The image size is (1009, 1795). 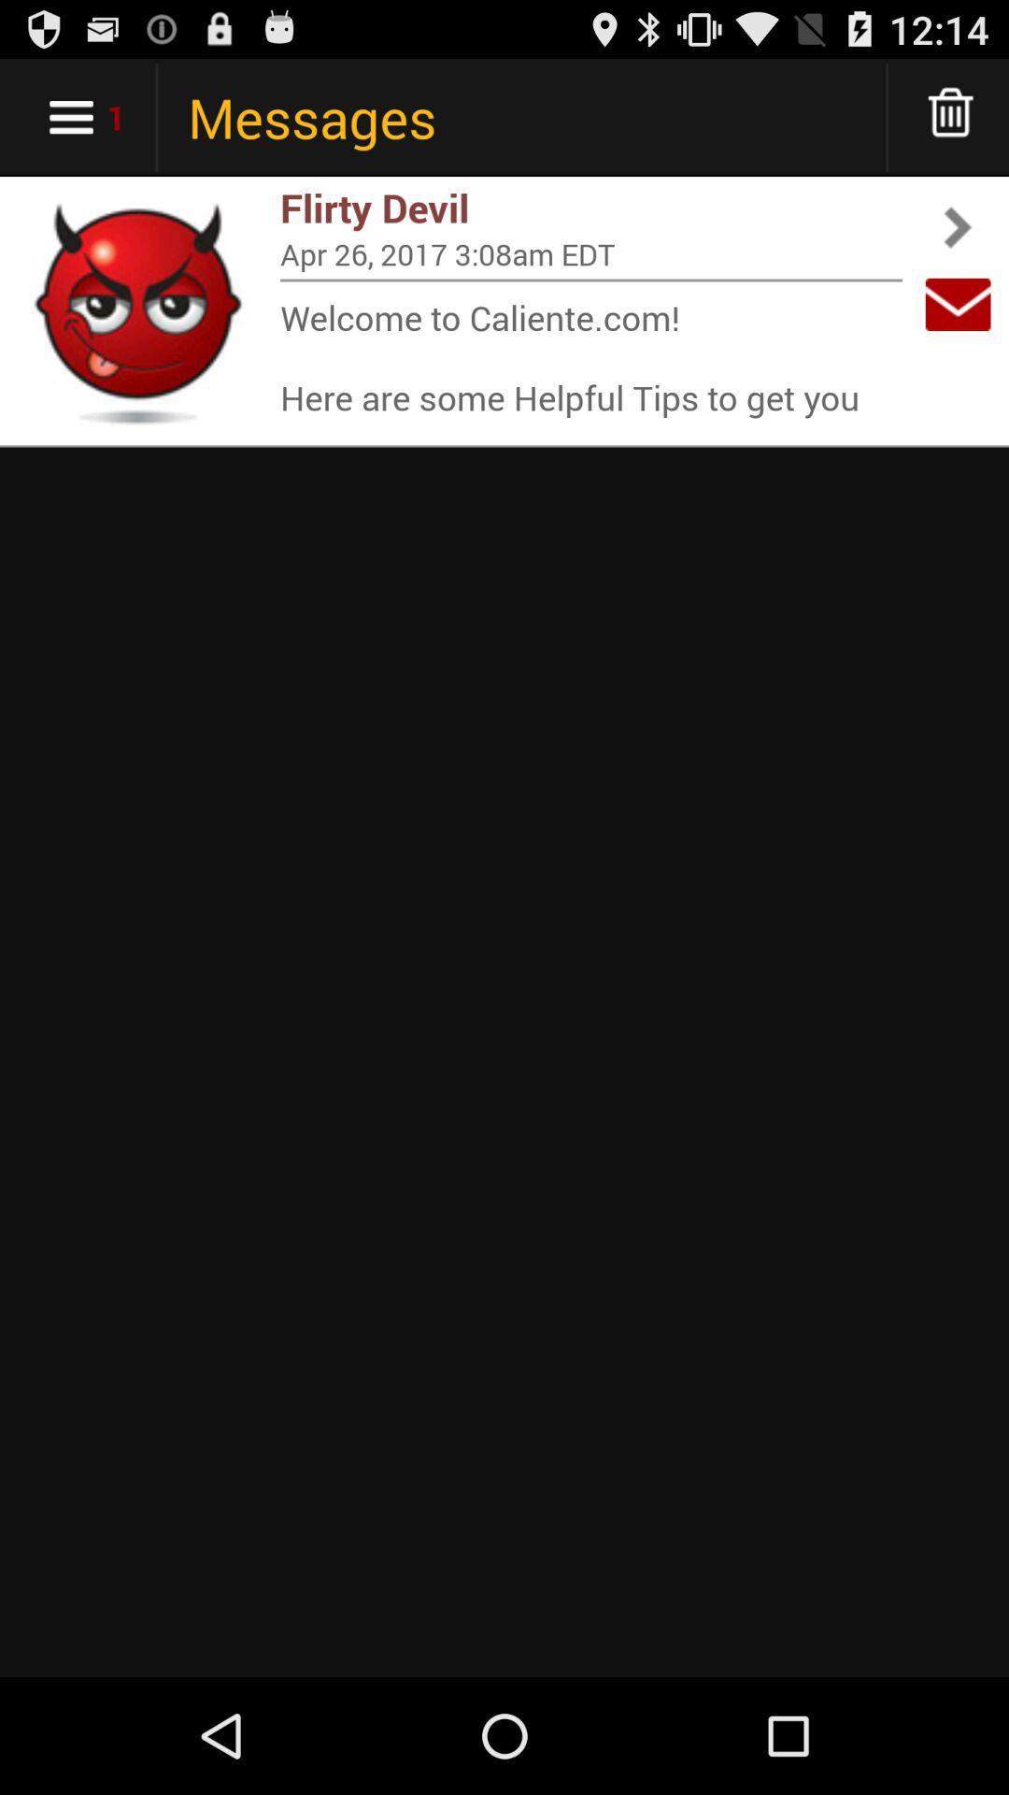 I want to click on the apr 26 2017 item, so click(x=590, y=252).